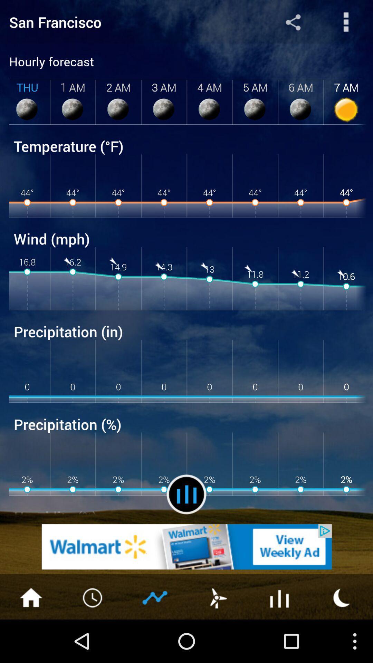  I want to click on the more icon, so click(346, 23).